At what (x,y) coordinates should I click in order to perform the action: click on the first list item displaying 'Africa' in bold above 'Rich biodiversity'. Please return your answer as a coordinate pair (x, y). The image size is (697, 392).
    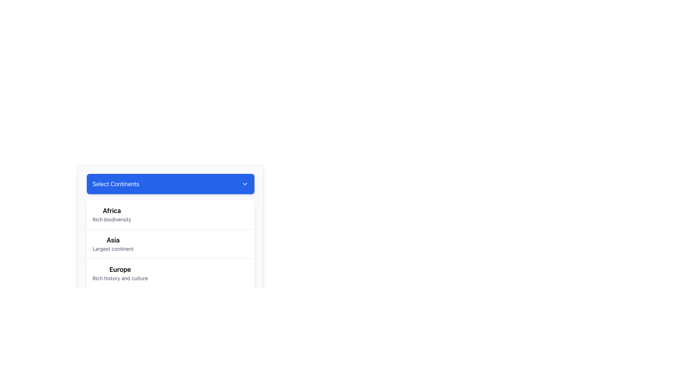
    Looking at the image, I should click on (170, 214).